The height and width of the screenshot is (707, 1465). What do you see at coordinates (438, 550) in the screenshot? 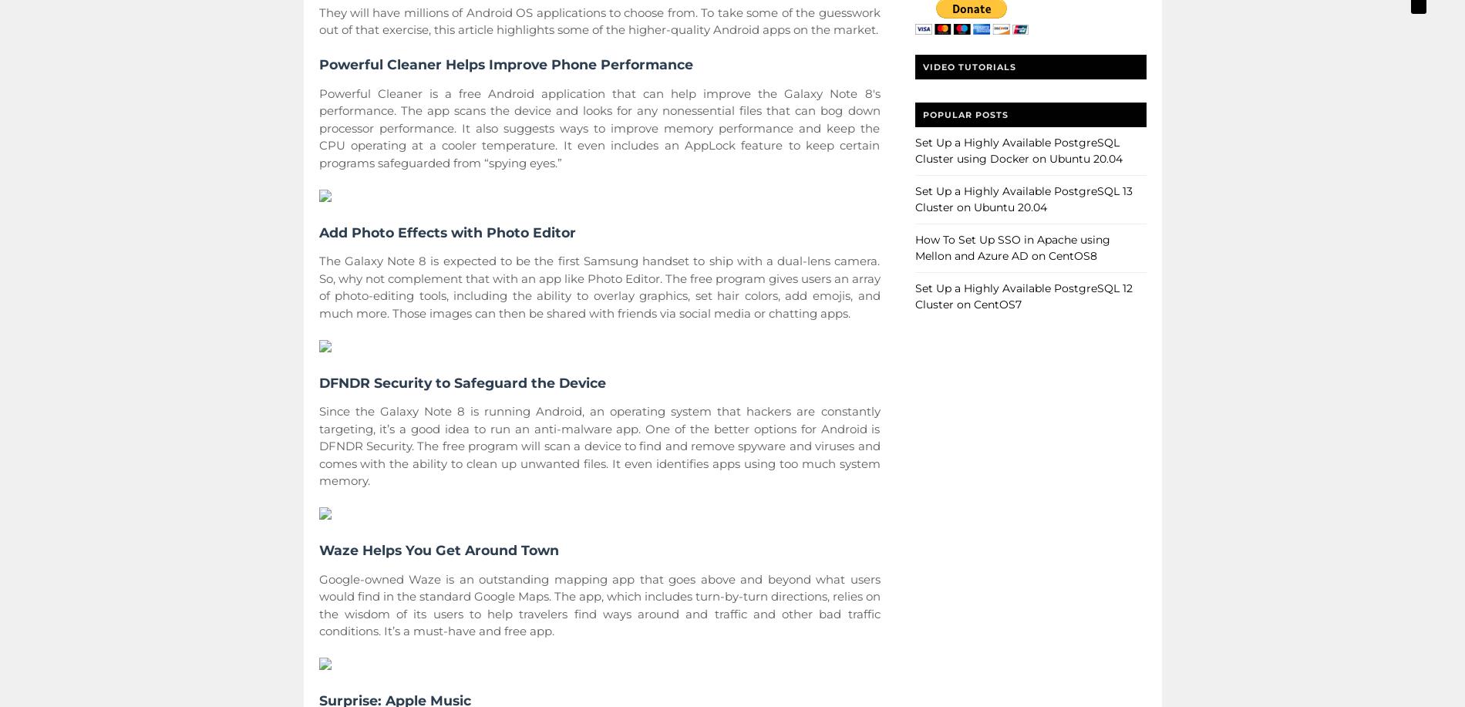
I see `'Waze Helps You Get Around Town'` at bounding box center [438, 550].